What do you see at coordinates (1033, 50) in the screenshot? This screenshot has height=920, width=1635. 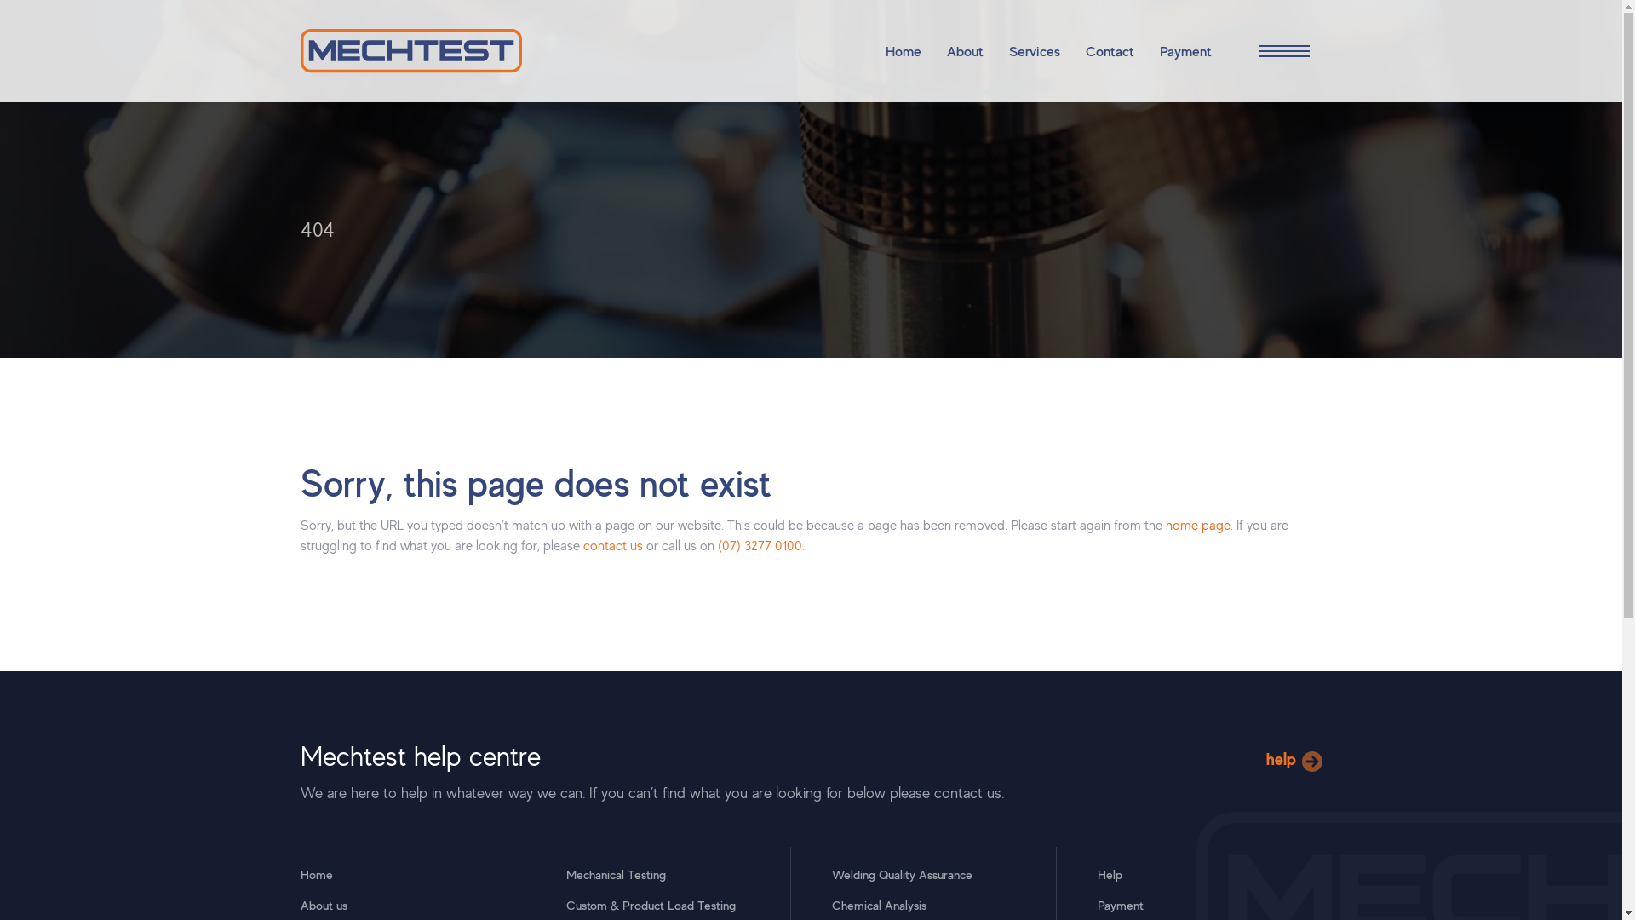 I see `'Services'` at bounding box center [1033, 50].